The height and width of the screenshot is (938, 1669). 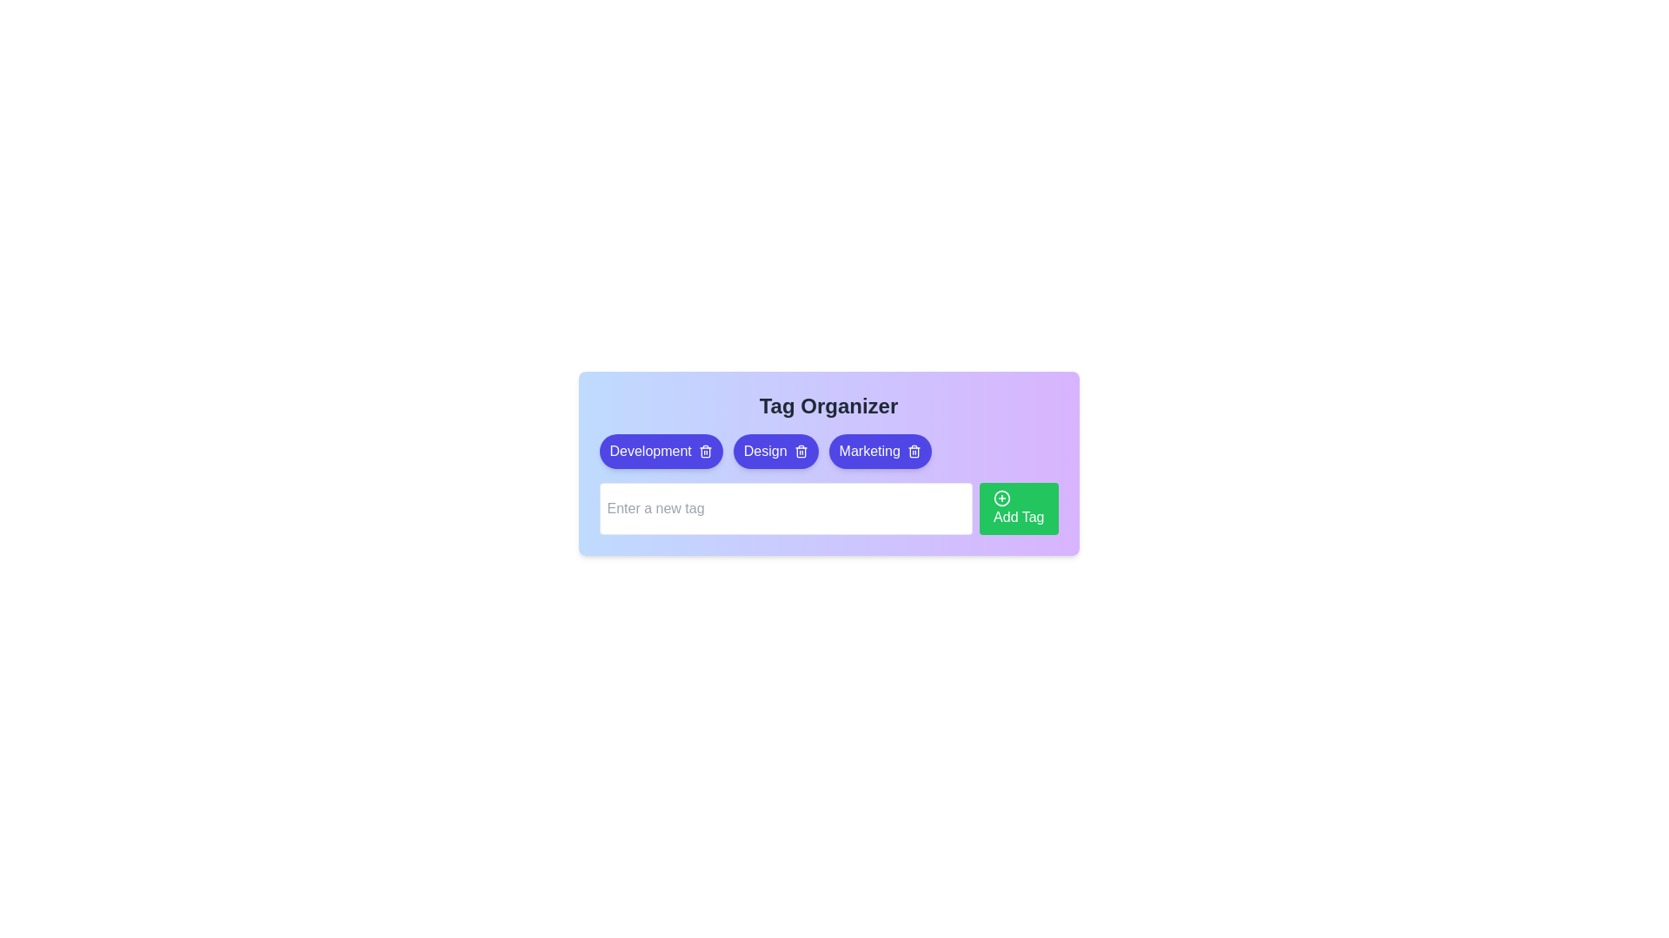 I want to click on the trash icon button located to the right of the 'Marketing' label, so click(x=913, y=451).